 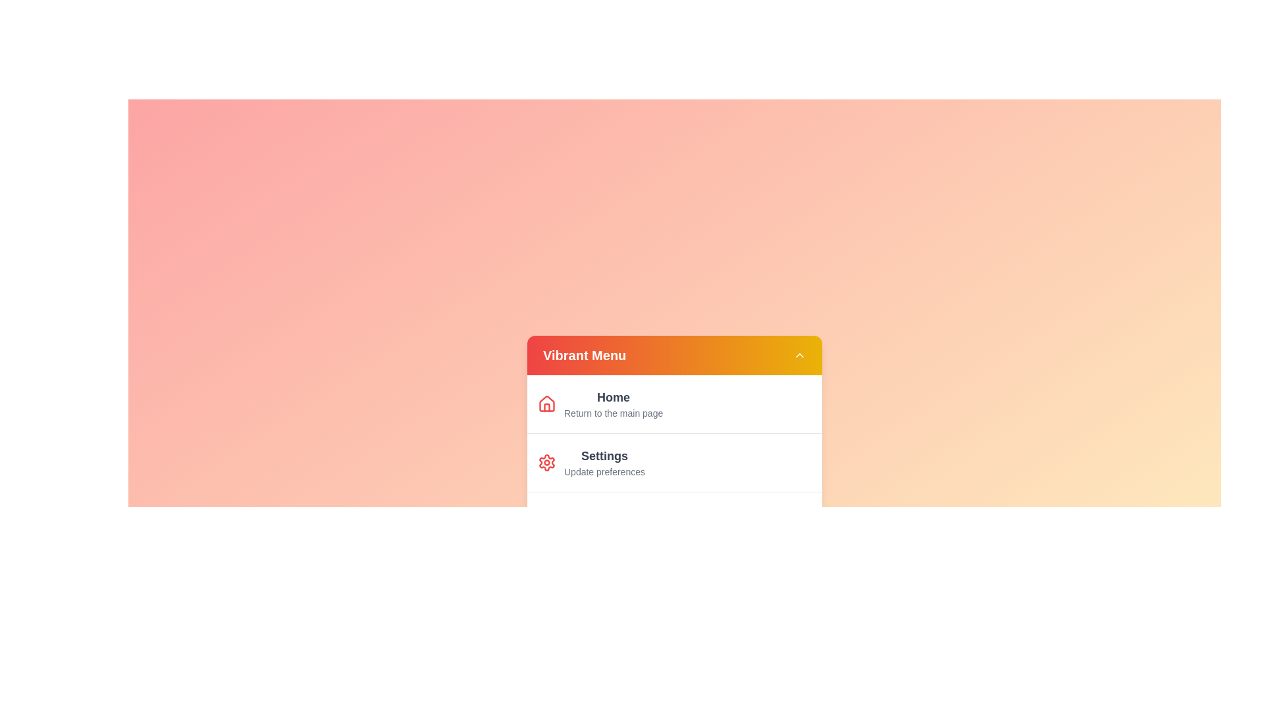 I want to click on the menu item Settings, so click(x=603, y=461).